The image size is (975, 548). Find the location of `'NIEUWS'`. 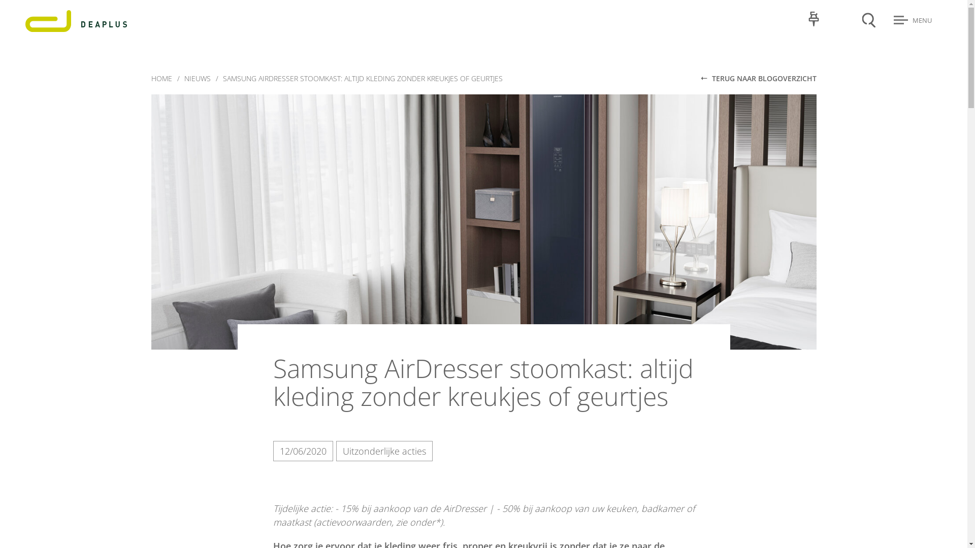

'NIEUWS' is located at coordinates (197, 78).